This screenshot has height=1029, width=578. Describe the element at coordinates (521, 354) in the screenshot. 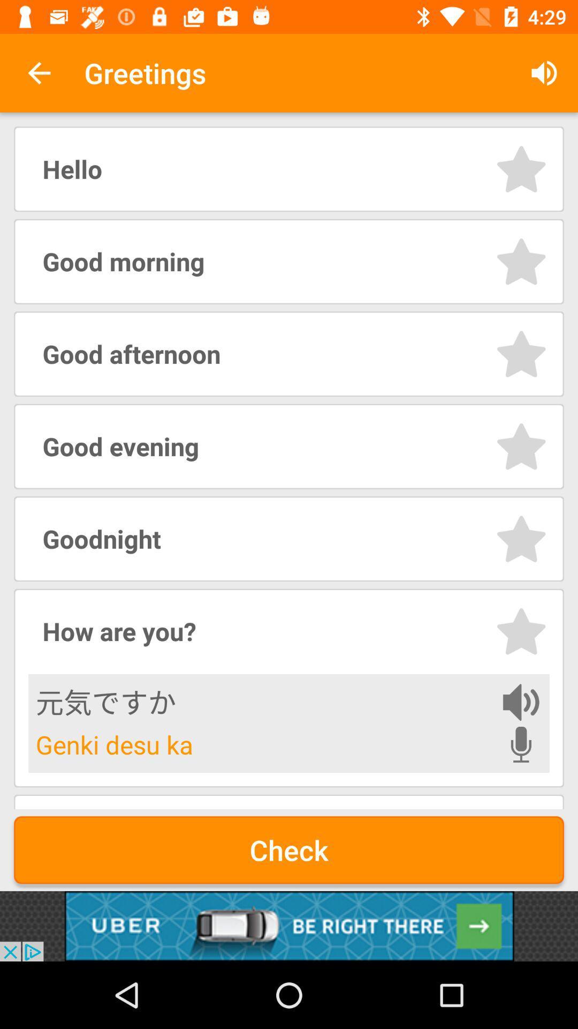

I see `this greeting` at that location.